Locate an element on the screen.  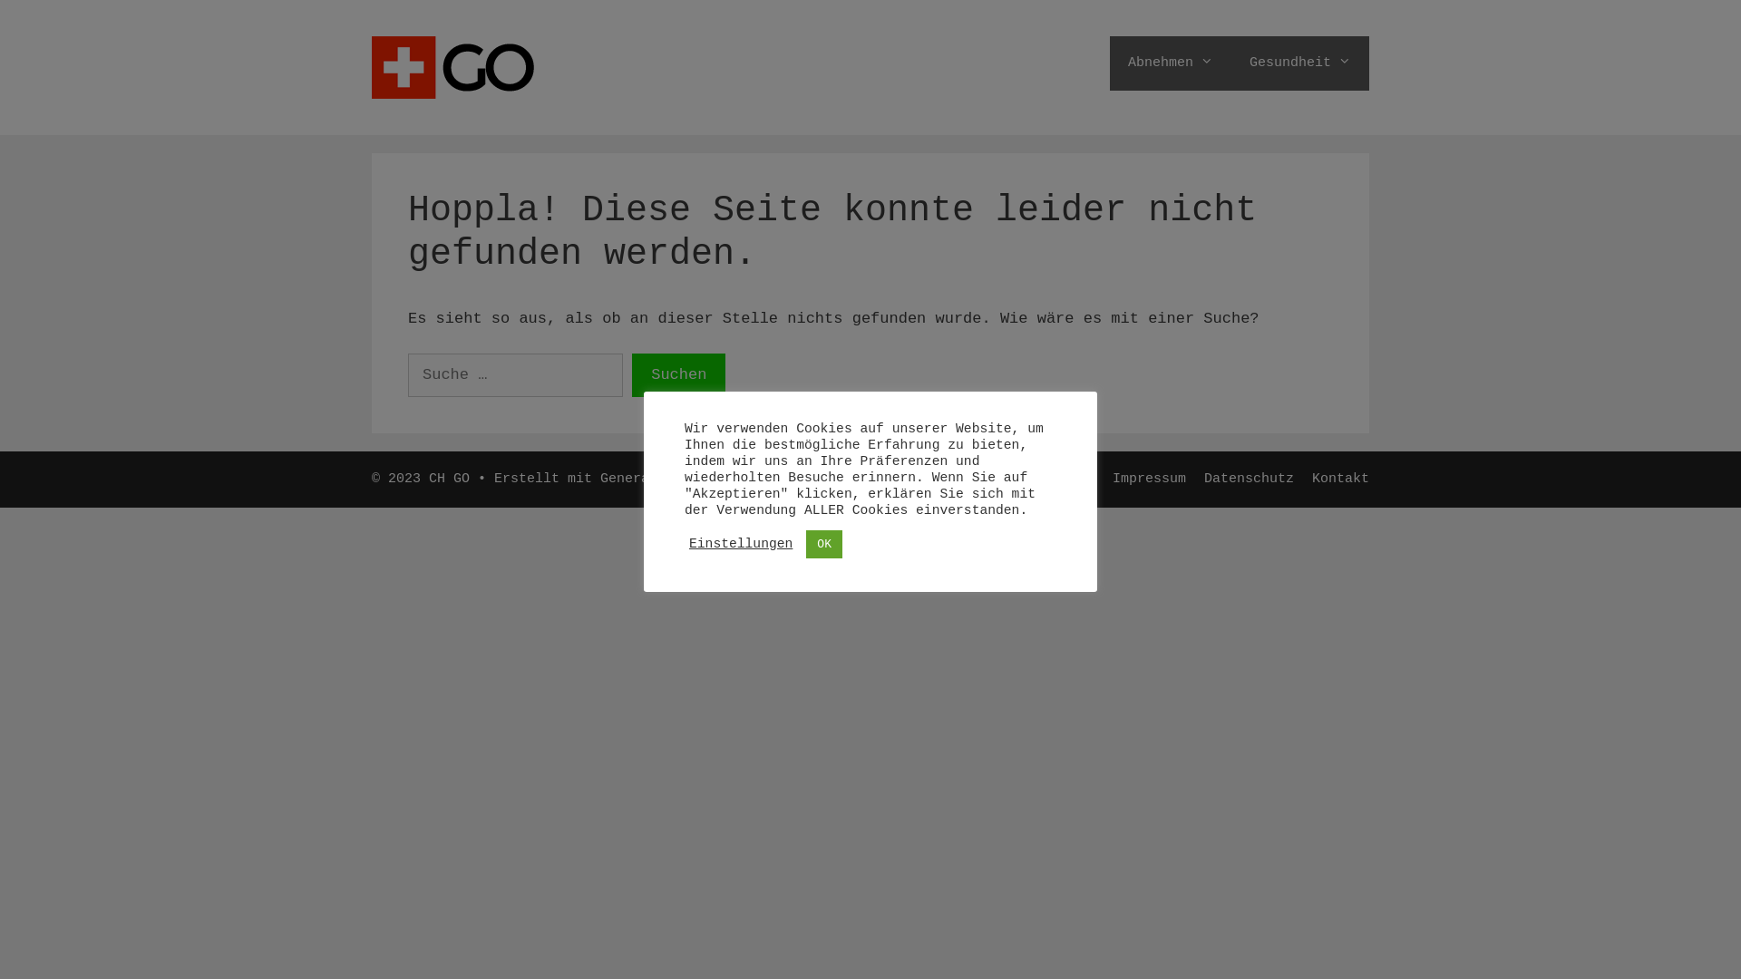
'Suche nach:' is located at coordinates (514, 373).